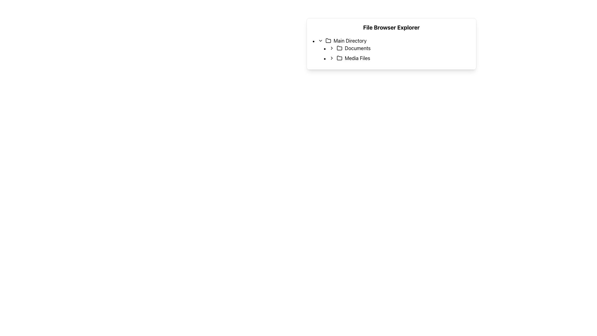 The image size is (597, 336). I want to click on the small dark folder icon next to the 'Documents' label in the file browser UI, so click(339, 48).